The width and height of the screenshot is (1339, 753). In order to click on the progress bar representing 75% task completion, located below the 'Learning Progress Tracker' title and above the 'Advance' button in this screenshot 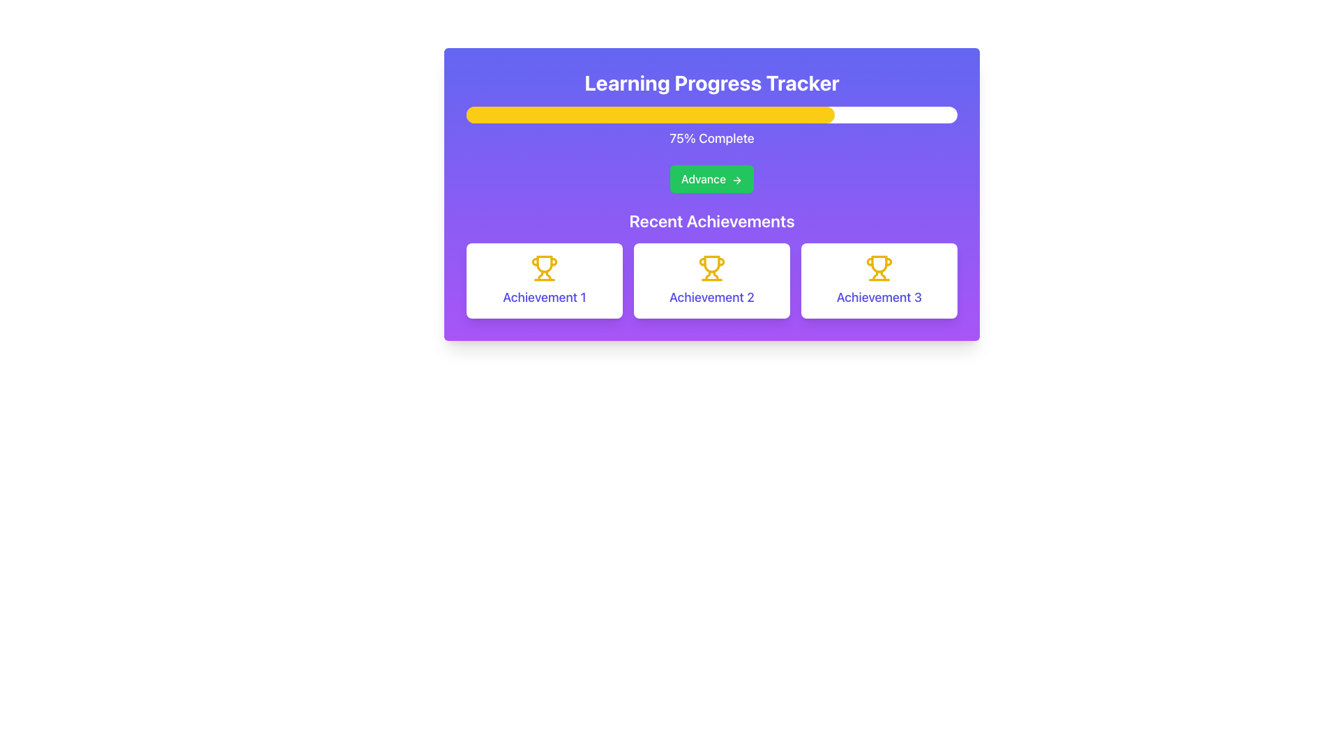, I will do `click(712, 114)`.